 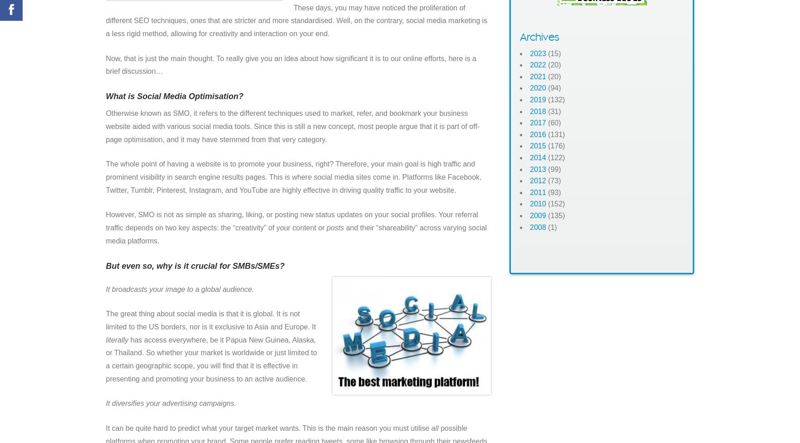 I want to click on '2012', so click(x=538, y=181).